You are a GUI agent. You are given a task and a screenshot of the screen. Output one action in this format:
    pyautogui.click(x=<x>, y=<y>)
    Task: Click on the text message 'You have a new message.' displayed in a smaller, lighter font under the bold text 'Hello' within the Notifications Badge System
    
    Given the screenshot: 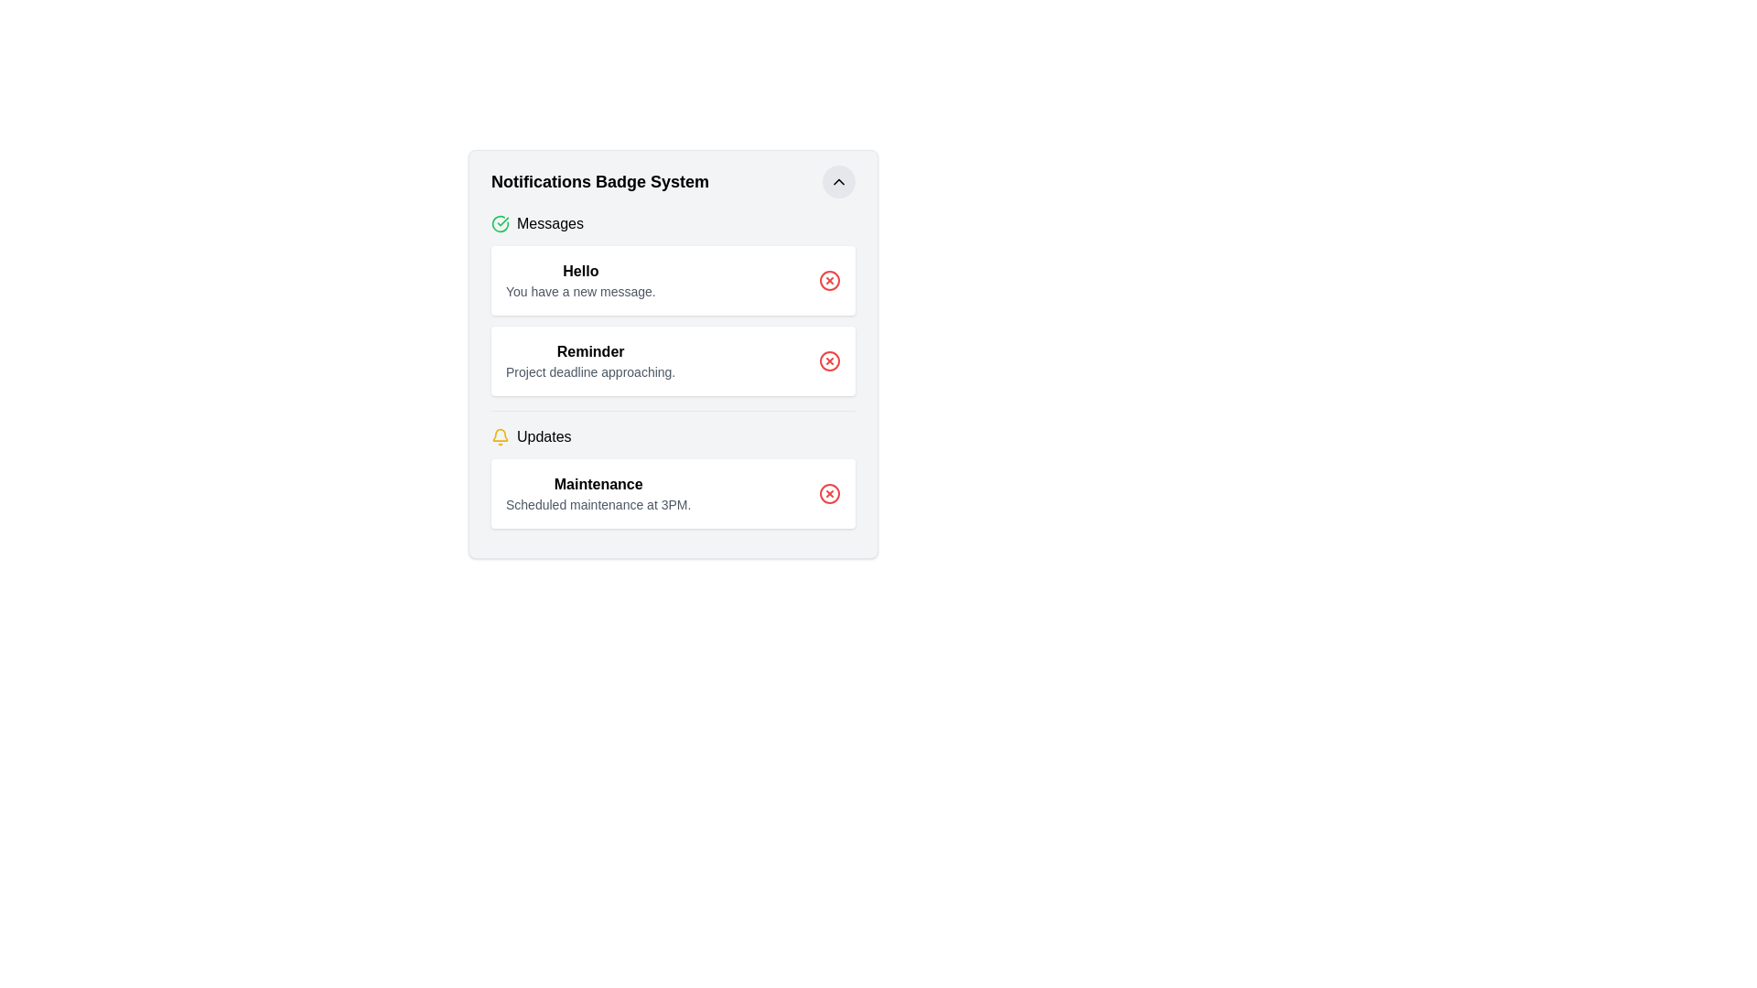 What is the action you would take?
    pyautogui.click(x=579, y=291)
    